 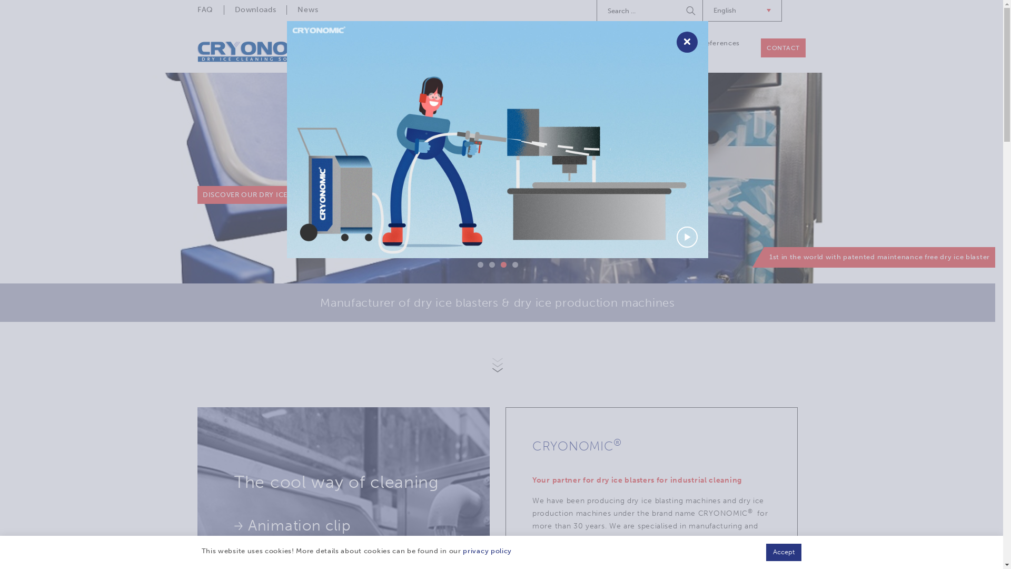 What do you see at coordinates (255, 10) in the screenshot?
I see `'Downloads'` at bounding box center [255, 10].